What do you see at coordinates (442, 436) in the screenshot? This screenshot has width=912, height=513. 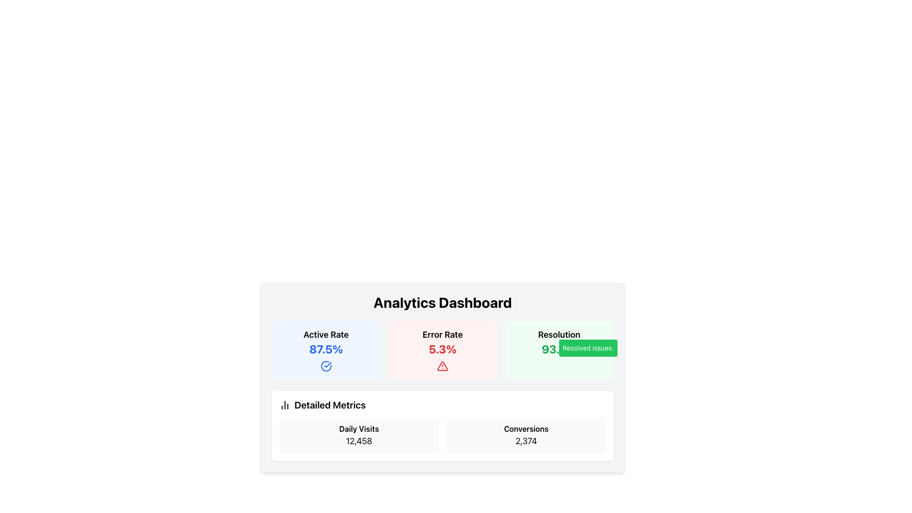 I see `displayed information from the grid layout containing the labels 'Daily Visits' and 'Conversions' with their respective numeric values '12,458' and '2,374' located in the 'Detailed Metrics' section` at bounding box center [442, 436].